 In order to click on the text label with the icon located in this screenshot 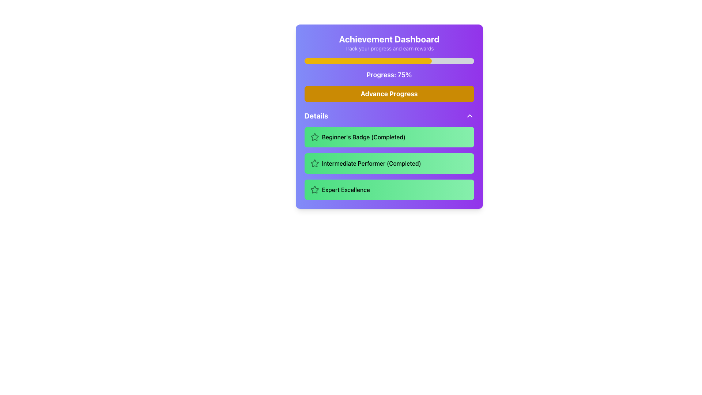, I will do `click(389, 163)`.